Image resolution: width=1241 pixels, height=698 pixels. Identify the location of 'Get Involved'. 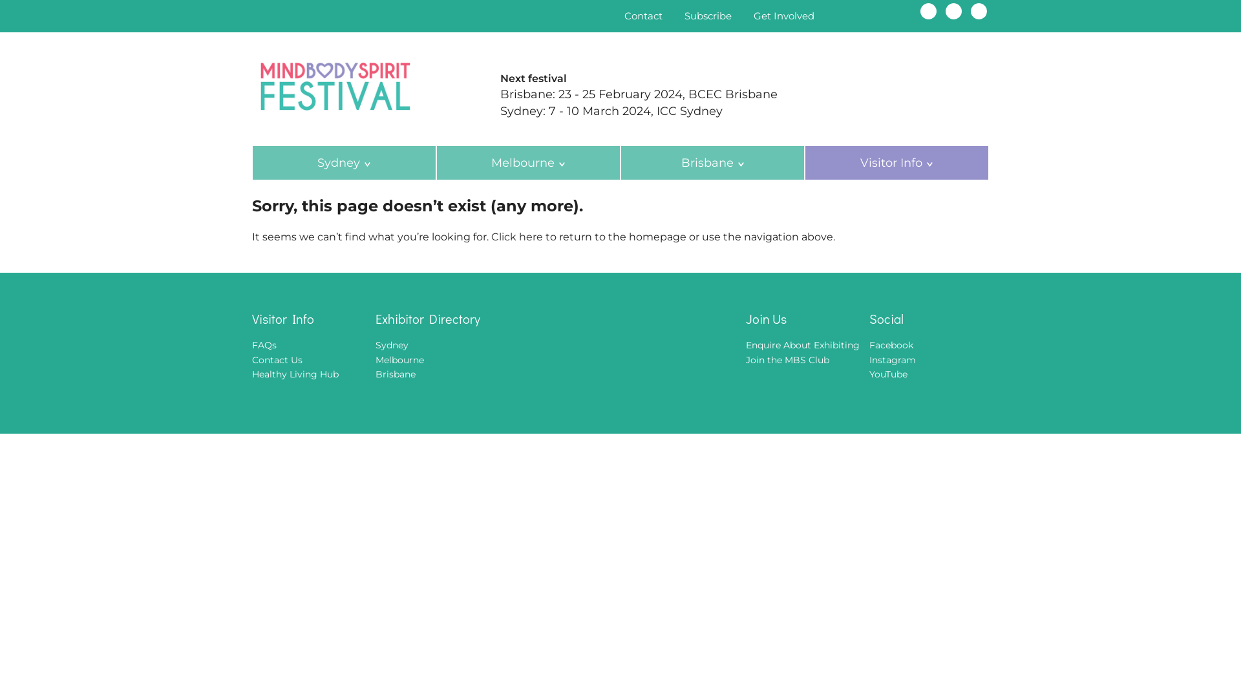
(783, 16).